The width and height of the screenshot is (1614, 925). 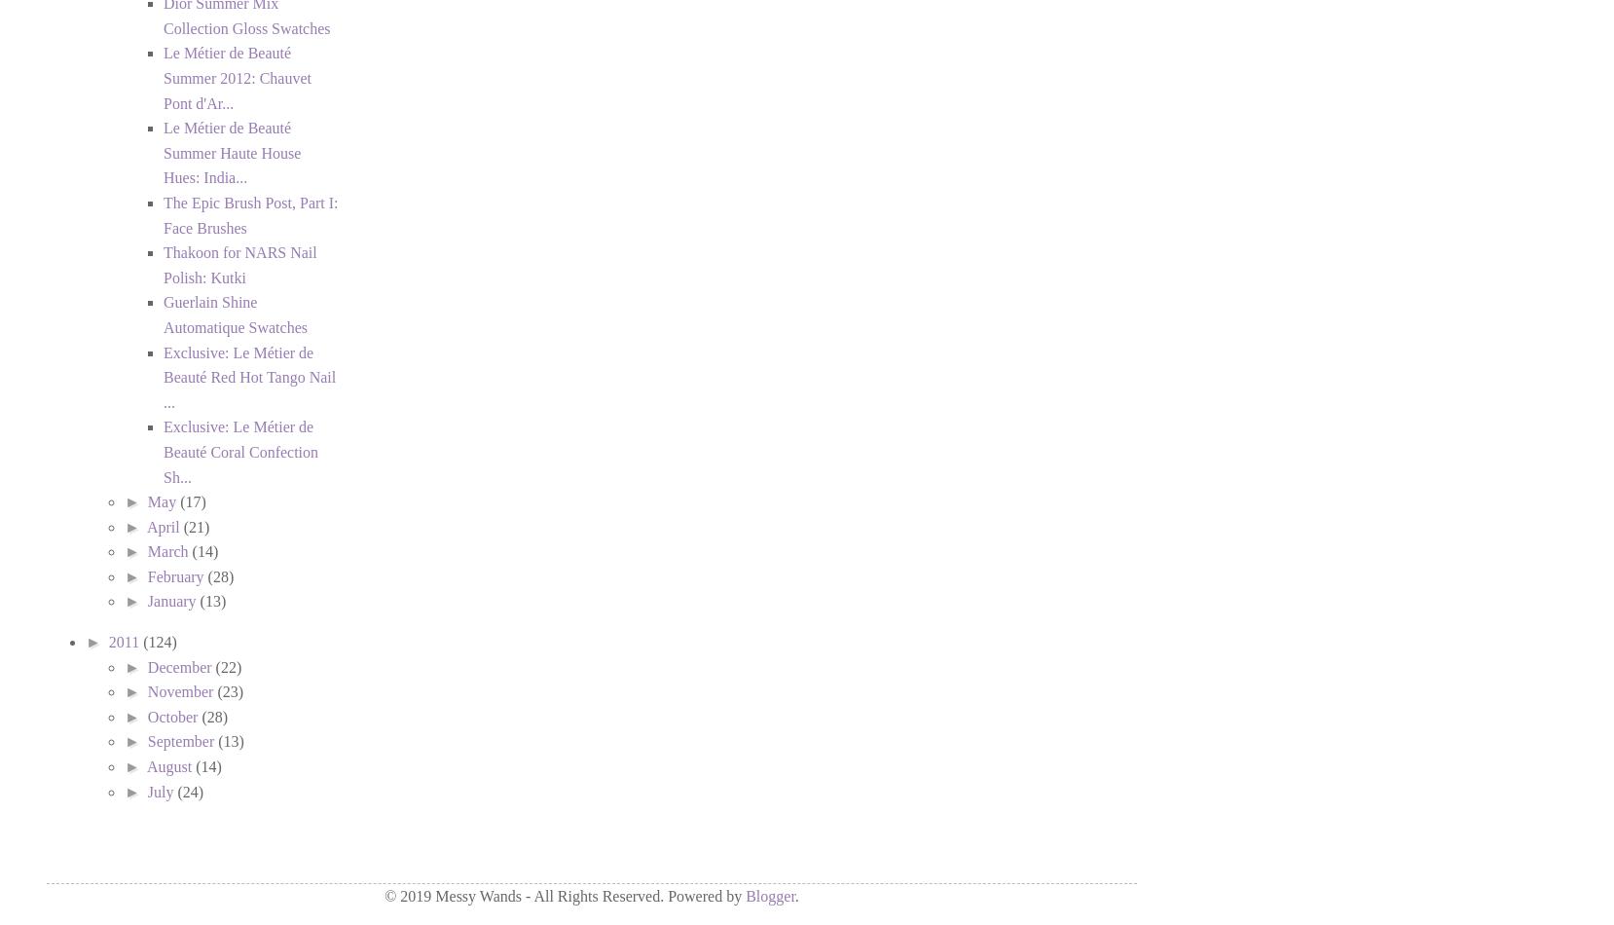 What do you see at coordinates (250, 214) in the screenshot?
I see `'The Epic Brush Post, Part I: Face Brushes'` at bounding box center [250, 214].